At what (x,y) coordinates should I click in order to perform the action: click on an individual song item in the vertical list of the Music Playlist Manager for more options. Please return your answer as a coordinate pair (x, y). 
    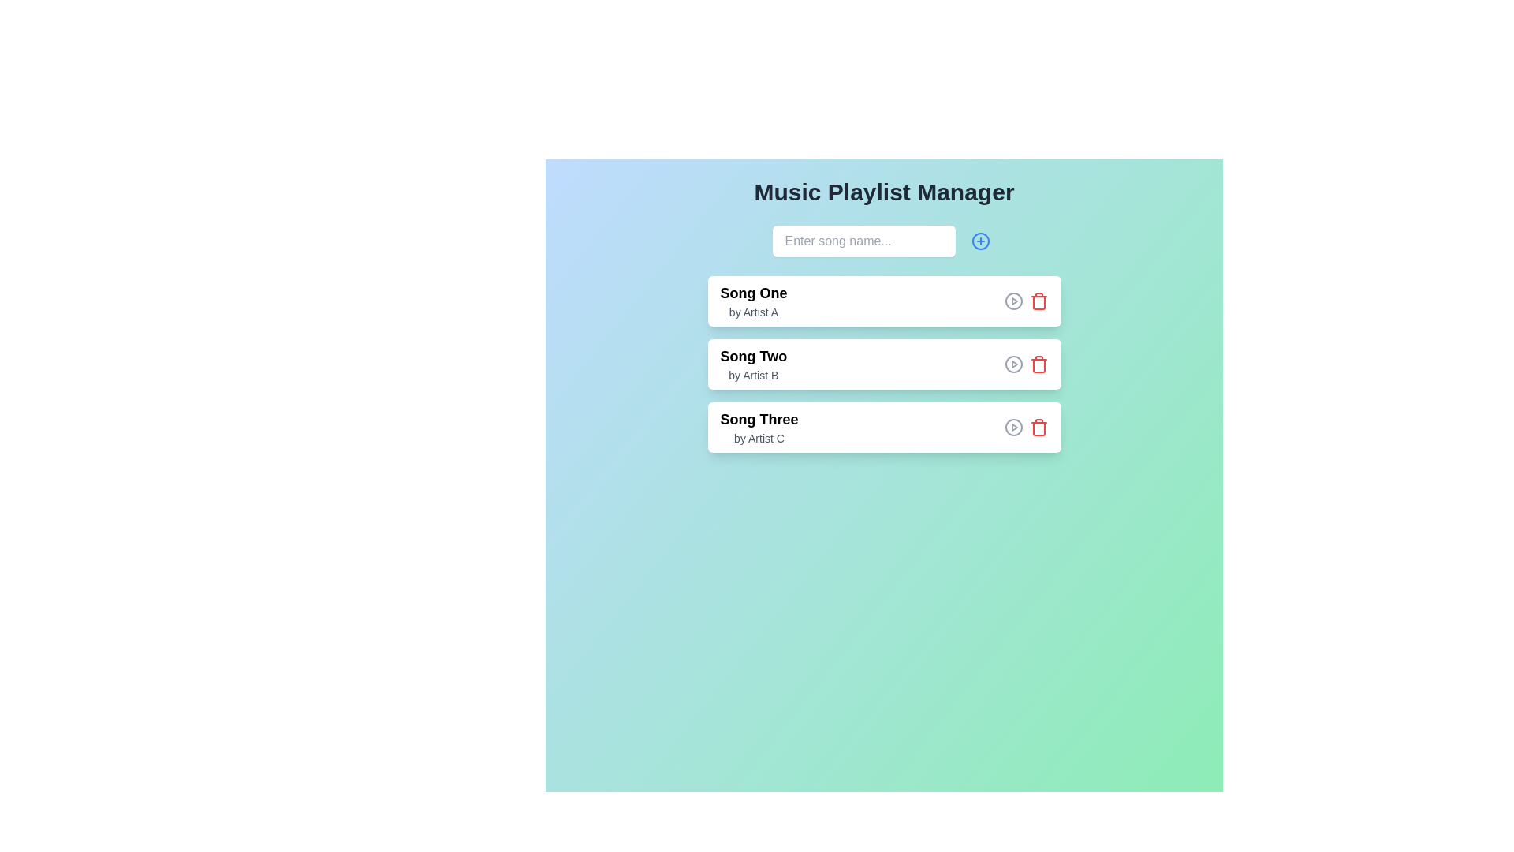
    Looking at the image, I should click on (884, 364).